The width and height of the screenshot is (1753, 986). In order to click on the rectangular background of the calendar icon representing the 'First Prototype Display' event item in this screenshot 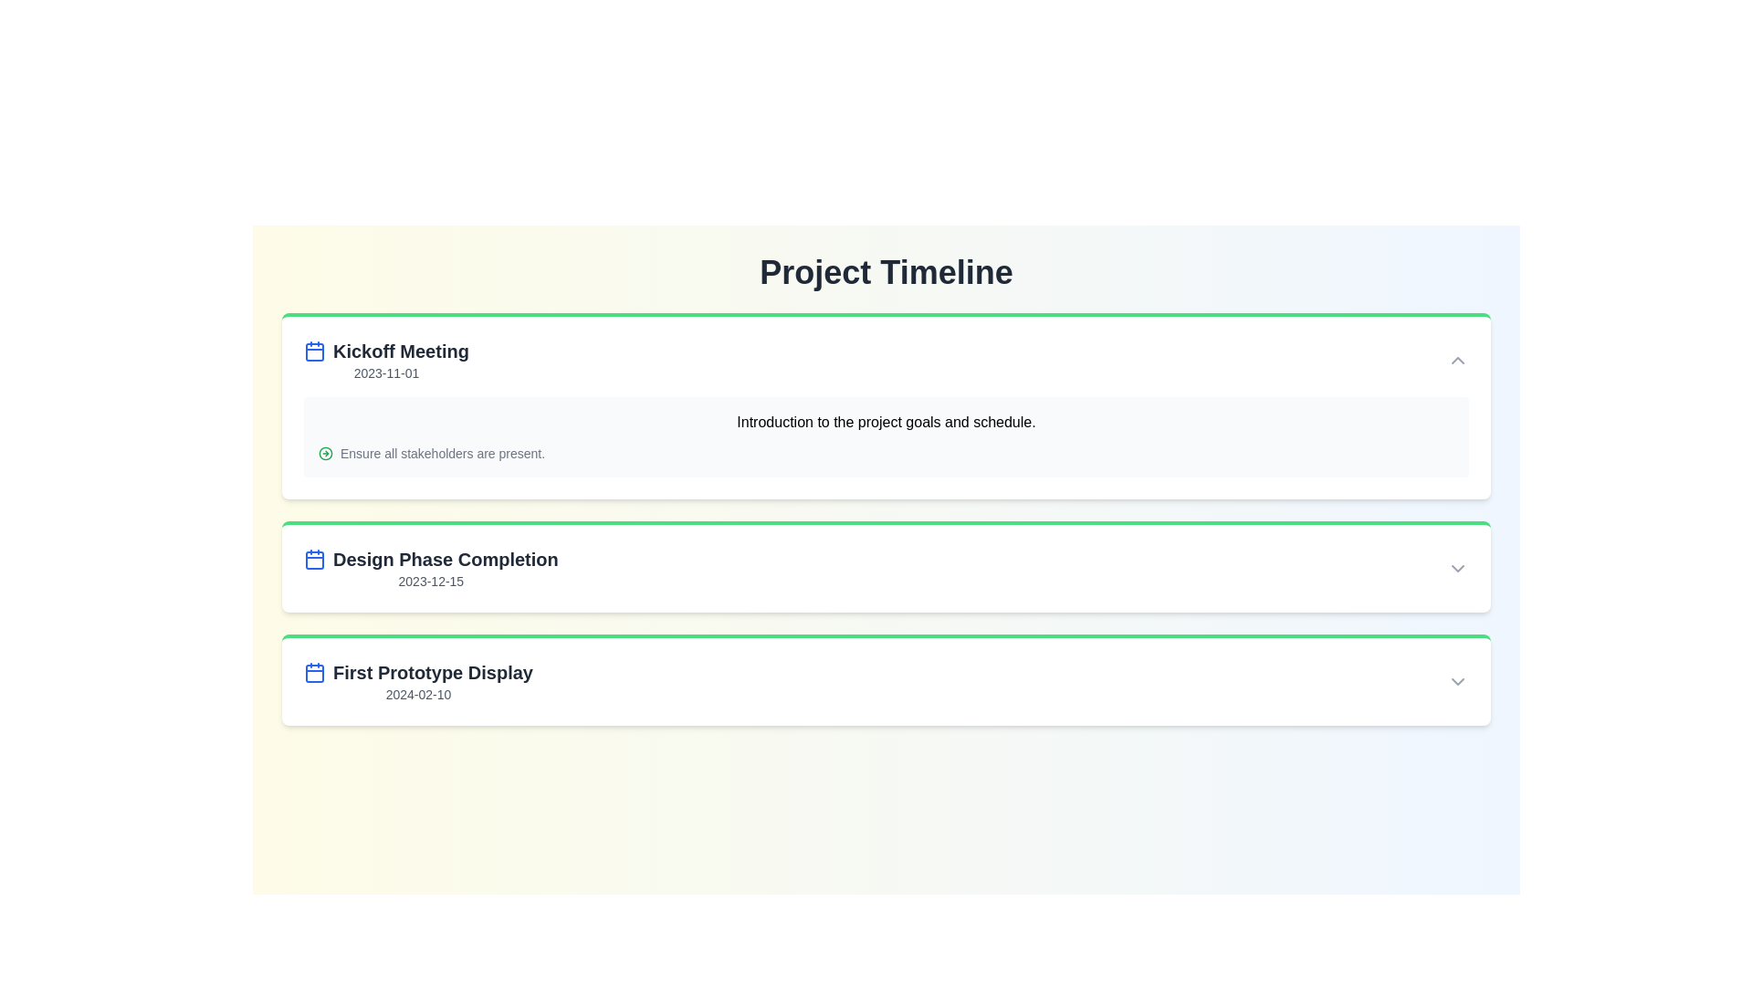, I will do `click(315, 673)`.